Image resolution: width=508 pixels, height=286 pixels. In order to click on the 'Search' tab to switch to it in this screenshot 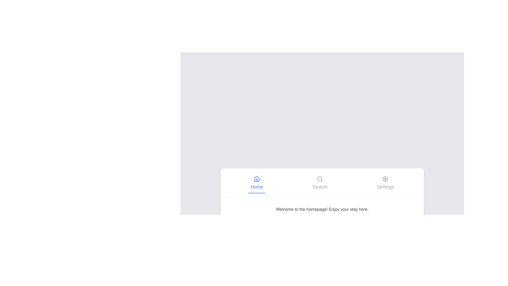, I will do `click(320, 183)`.